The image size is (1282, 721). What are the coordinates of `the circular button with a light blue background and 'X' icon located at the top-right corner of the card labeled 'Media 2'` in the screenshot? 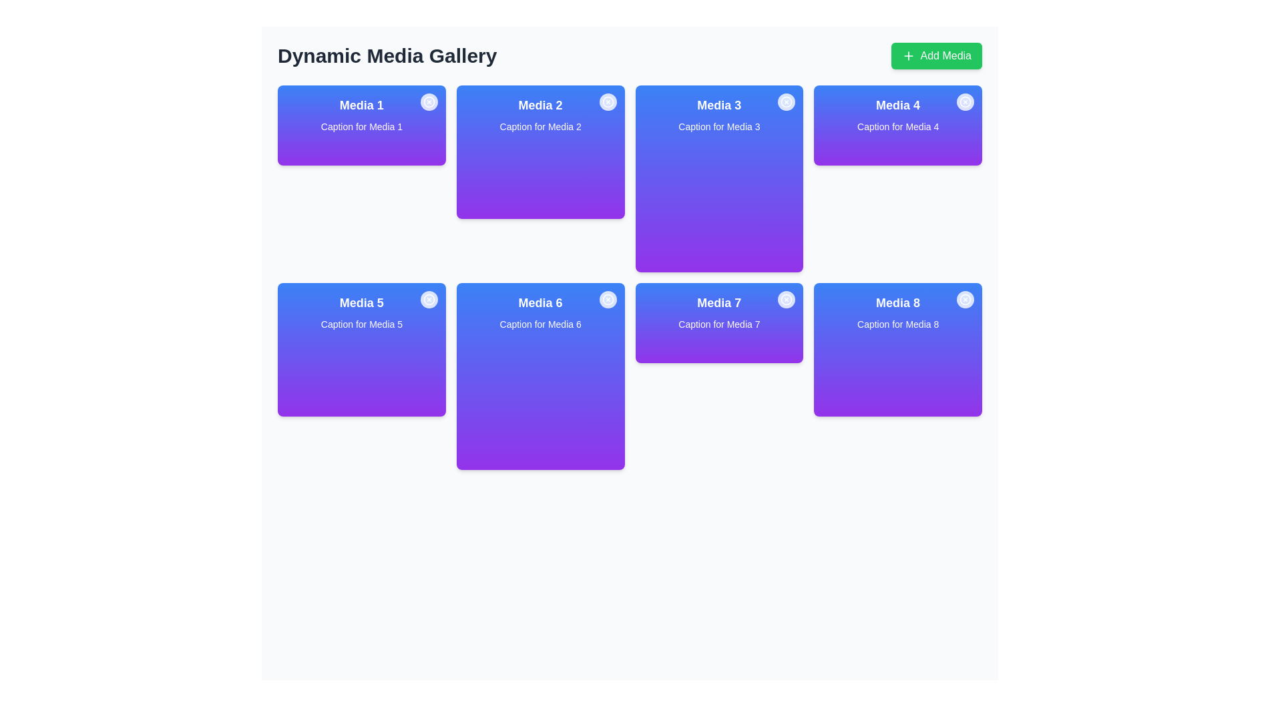 It's located at (607, 102).